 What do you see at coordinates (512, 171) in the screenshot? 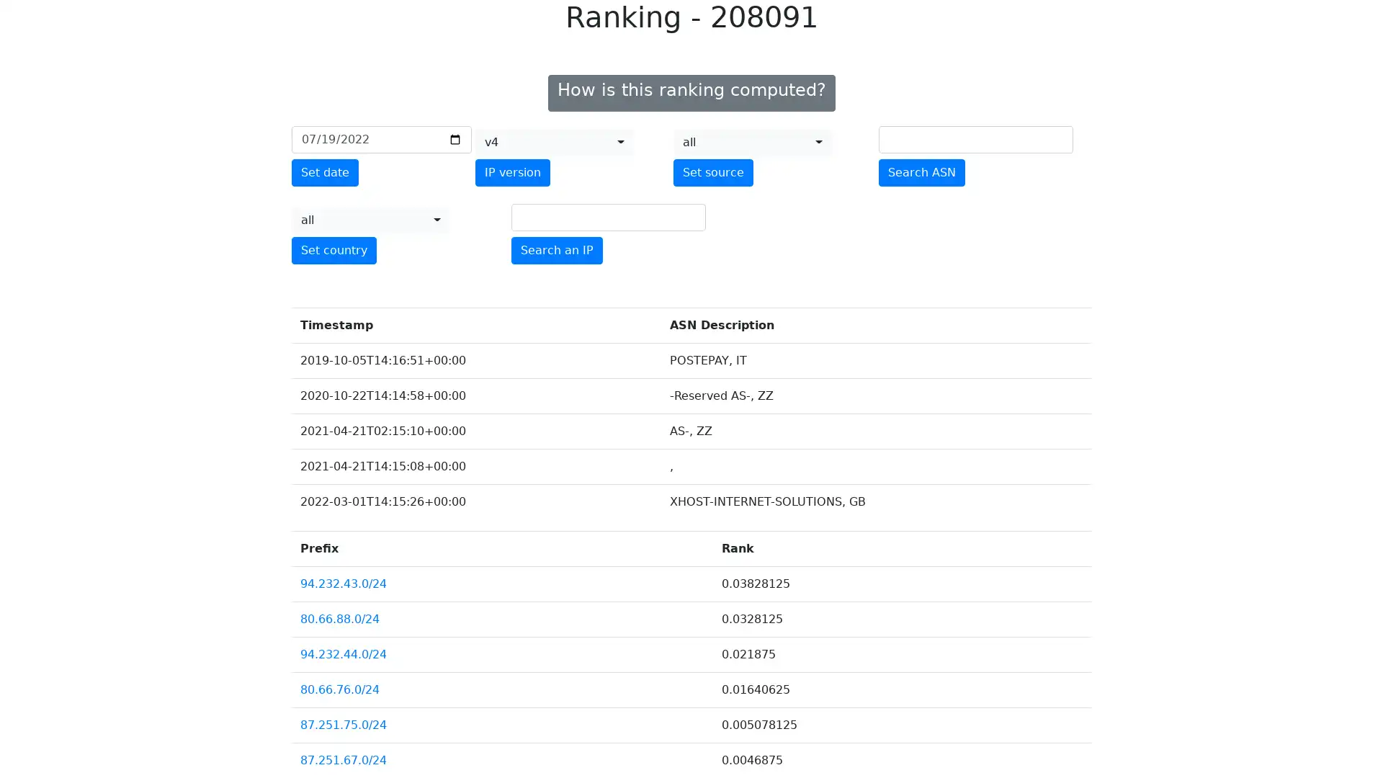
I see `IP version` at bounding box center [512, 171].